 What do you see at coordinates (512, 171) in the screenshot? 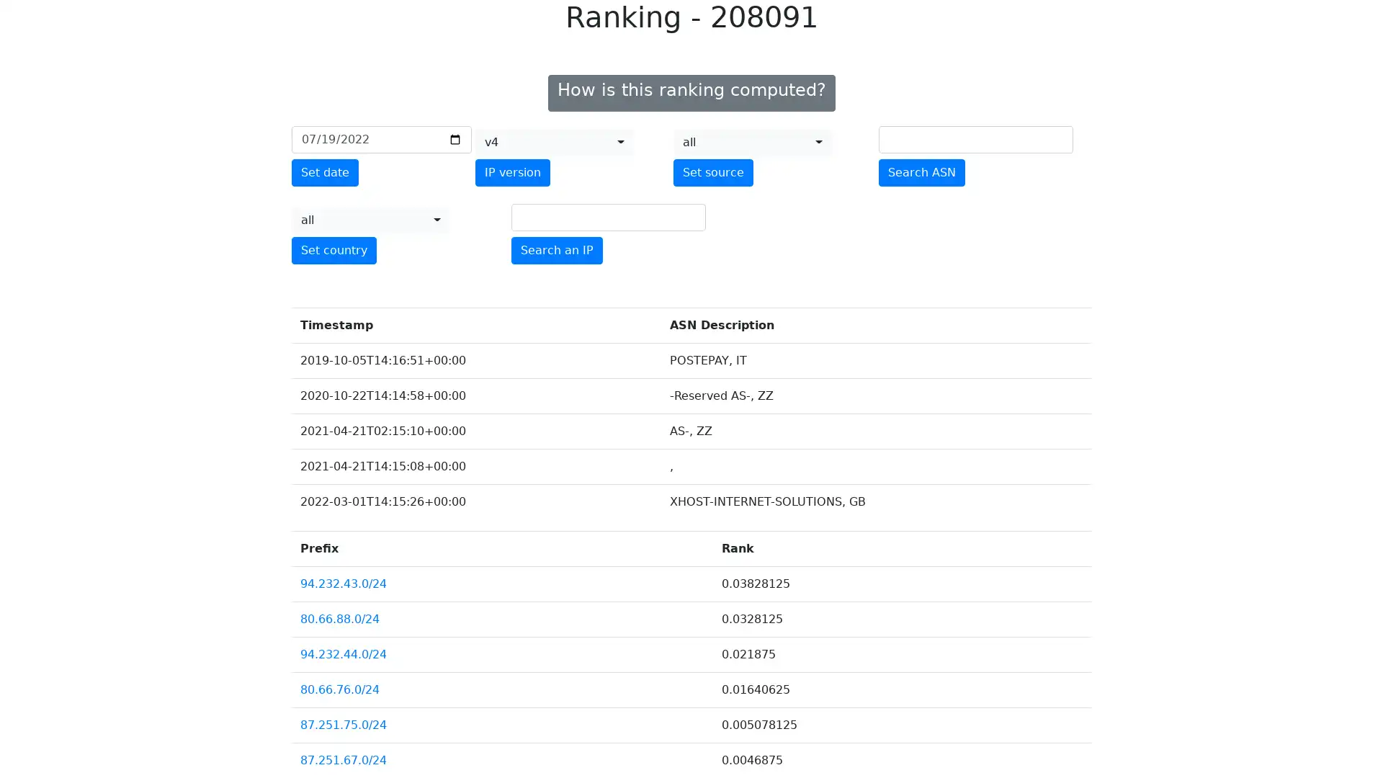
I see `IP version` at bounding box center [512, 171].